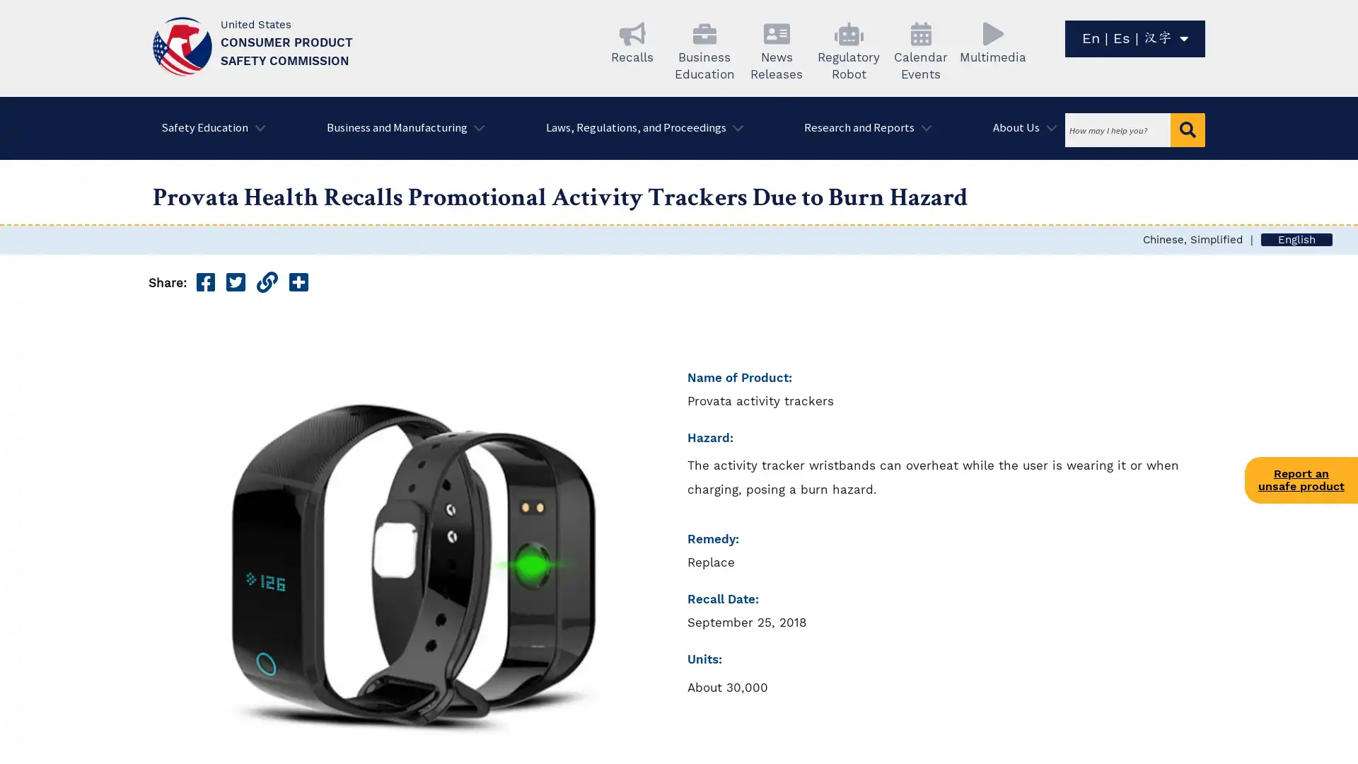 This screenshot has height=764, width=1358. Describe the element at coordinates (400, 128) in the screenshot. I see `Business and Manufacturing` at that location.